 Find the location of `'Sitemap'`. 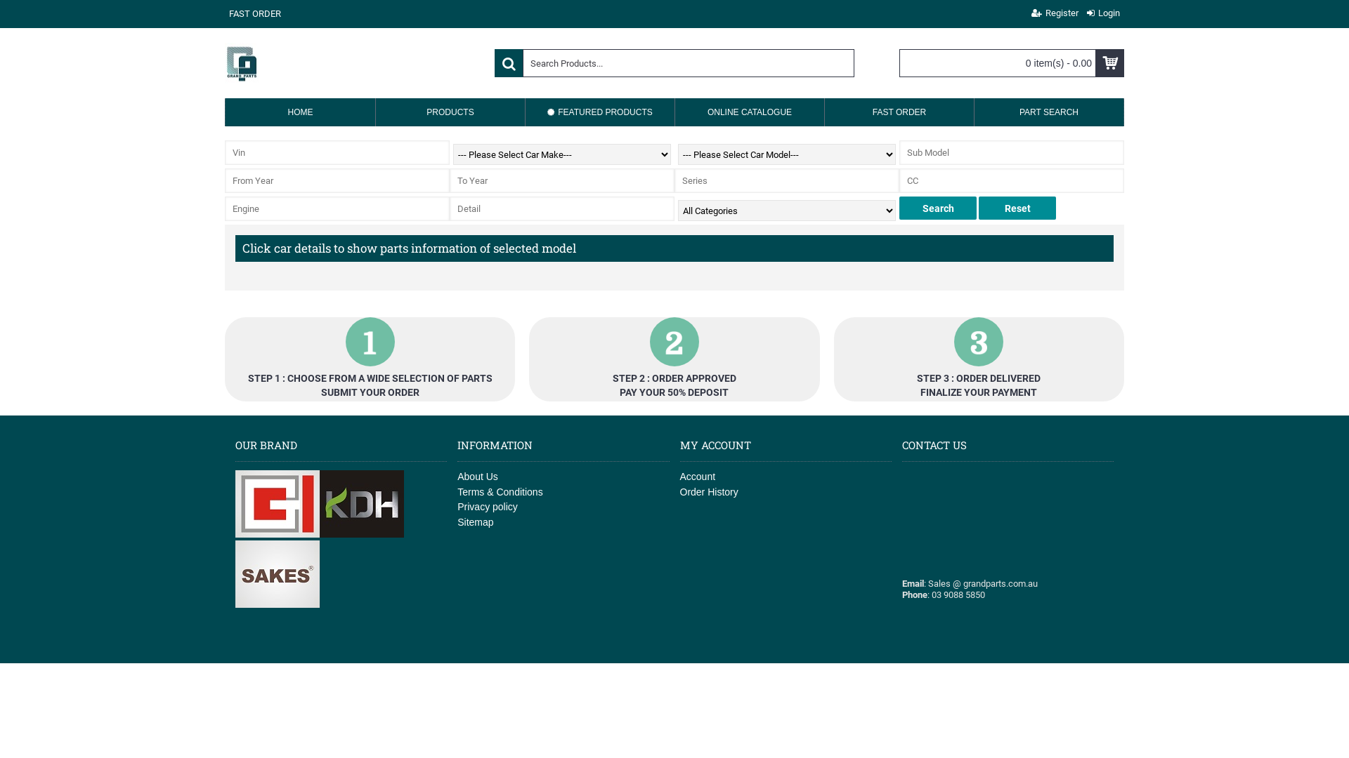

'Sitemap' is located at coordinates (457, 522).